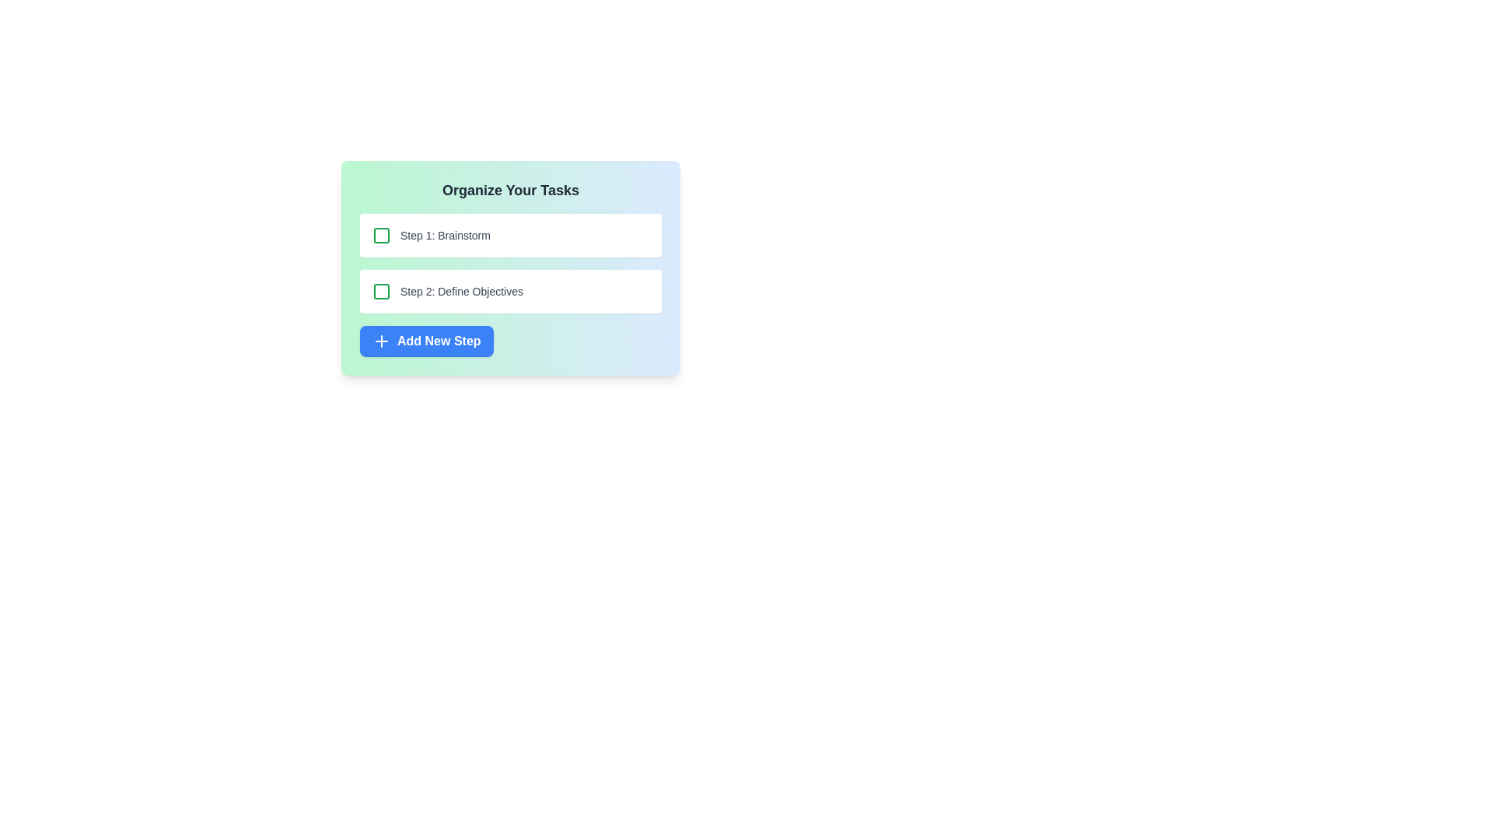  Describe the element at coordinates (381, 341) in the screenshot. I see `the icon within the 'Add New Step' button located at the bottom of the 'Organize Your Tasks' panel to trigger a tooltip or other UI response` at that location.